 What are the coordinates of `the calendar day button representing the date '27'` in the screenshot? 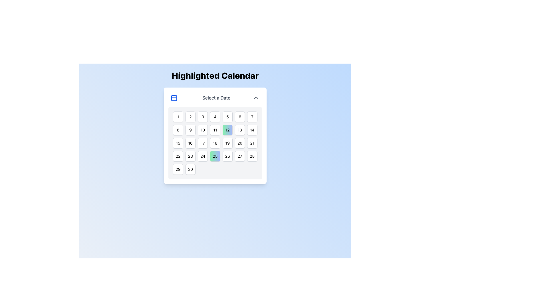 It's located at (240, 156).